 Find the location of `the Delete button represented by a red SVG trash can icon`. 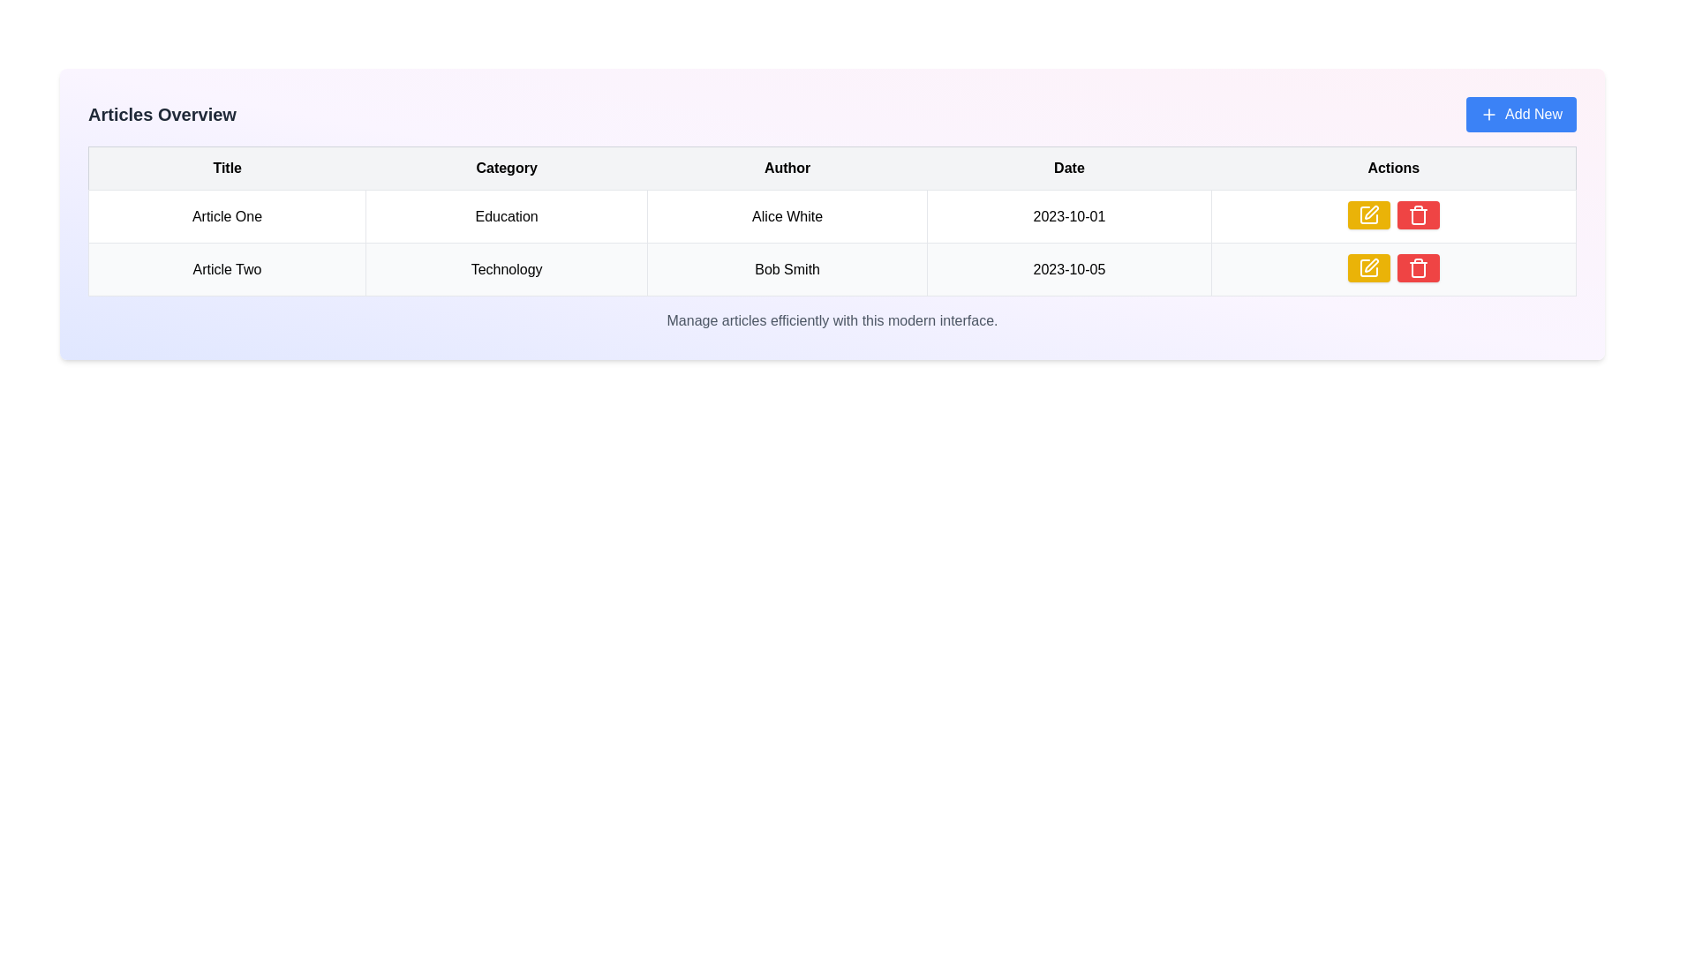

the Delete button represented by a red SVG trash can icon is located at coordinates (1419, 268).